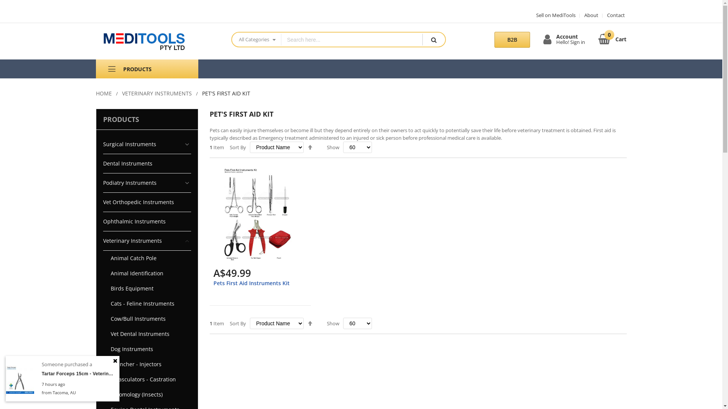 The width and height of the screenshot is (728, 409). What do you see at coordinates (310, 323) in the screenshot?
I see `'Set Descending Direction'` at bounding box center [310, 323].